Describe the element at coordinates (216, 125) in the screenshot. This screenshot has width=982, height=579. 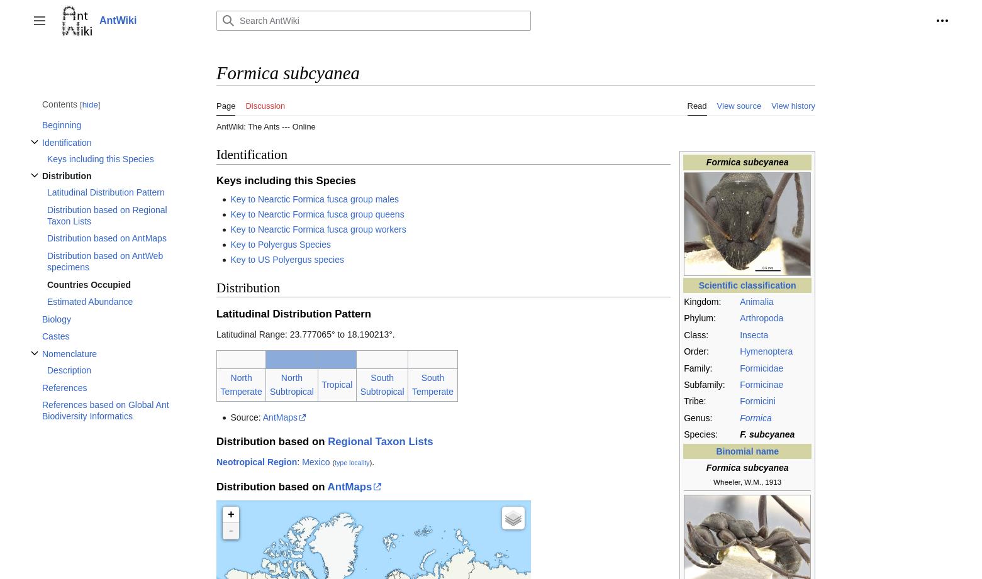
I see `'AntWiki: The Ants --- Online'` at that location.